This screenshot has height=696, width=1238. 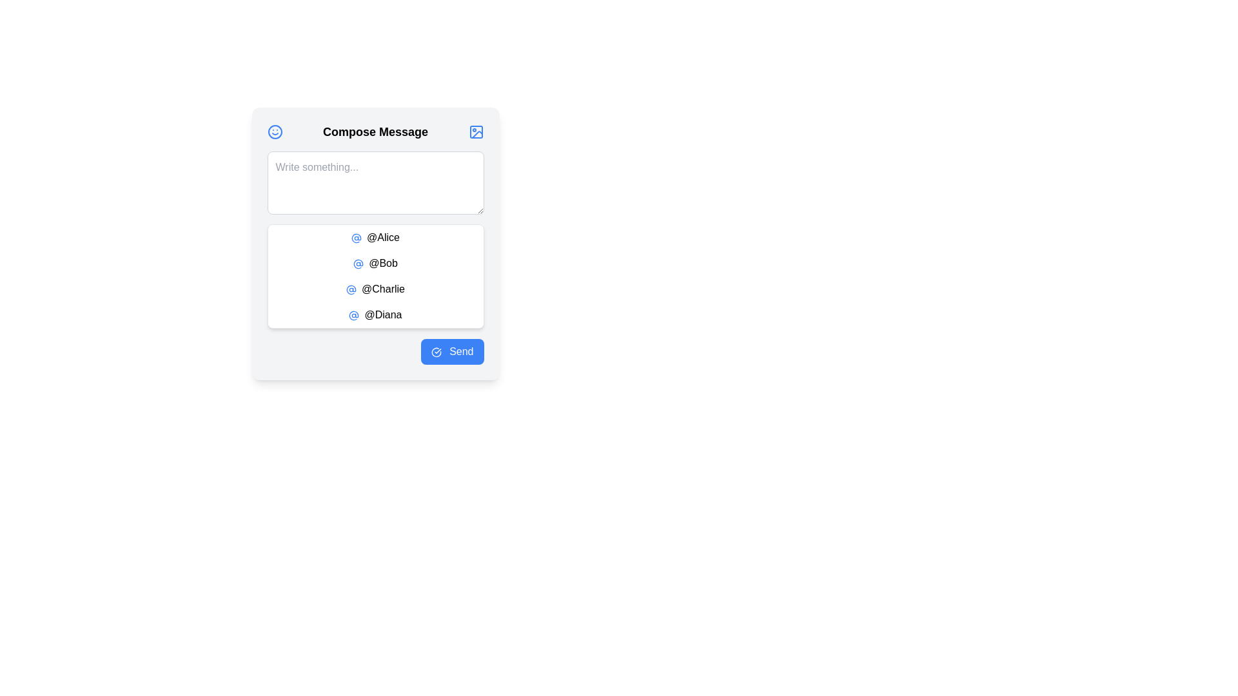 What do you see at coordinates (375, 131) in the screenshot?
I see `the bold heading text 'Compose Message' located at the top of the message composing interface, which is clearly legible and prominently styled` at bounding box center [375, 131].